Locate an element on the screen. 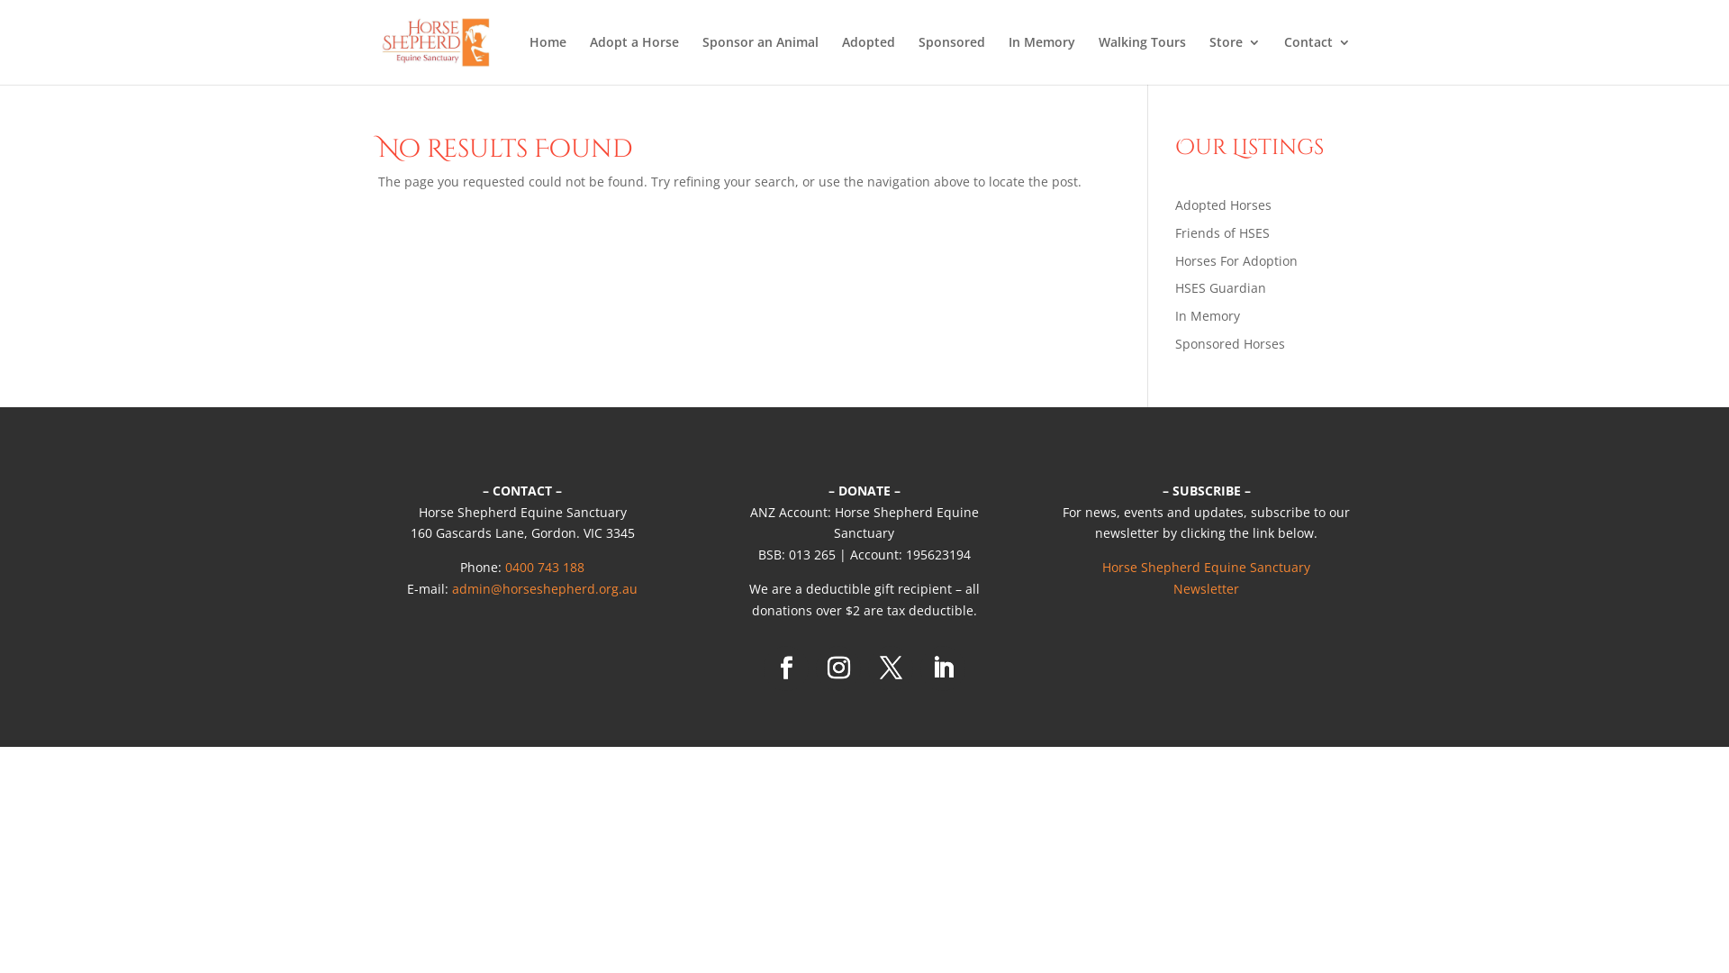 The image size is (1729, 973). 'Newsletter' is located at coordinates (1206, 588).